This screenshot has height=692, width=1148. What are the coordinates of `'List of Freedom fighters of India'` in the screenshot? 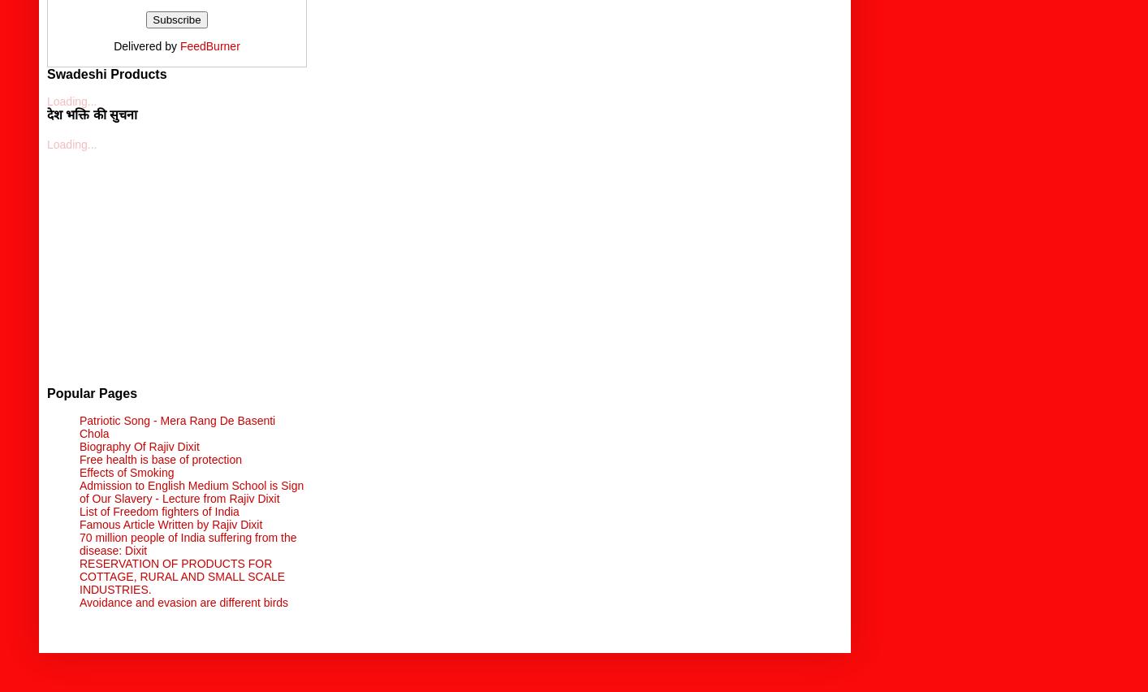 It's located at (158, 511).